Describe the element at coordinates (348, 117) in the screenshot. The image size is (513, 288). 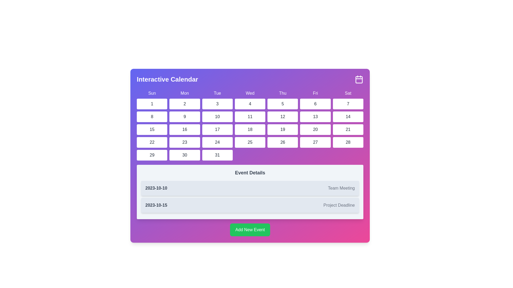
I see `the button representing the 14th day of the month` at that location.